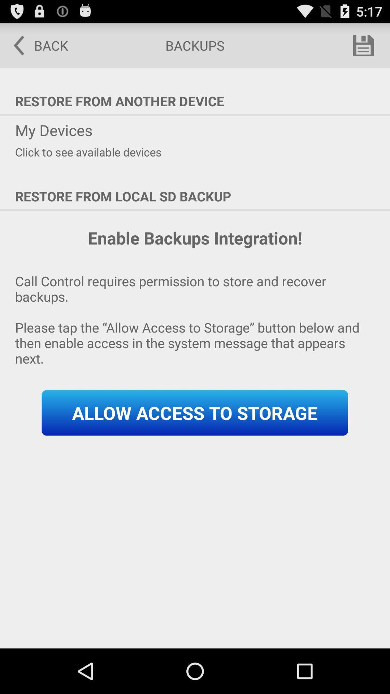 The width and height of the screenshot is (390, 694). Describe the element at coordinates (363, 45) in the screenshot. I see `icon above restore from another item` at that location.